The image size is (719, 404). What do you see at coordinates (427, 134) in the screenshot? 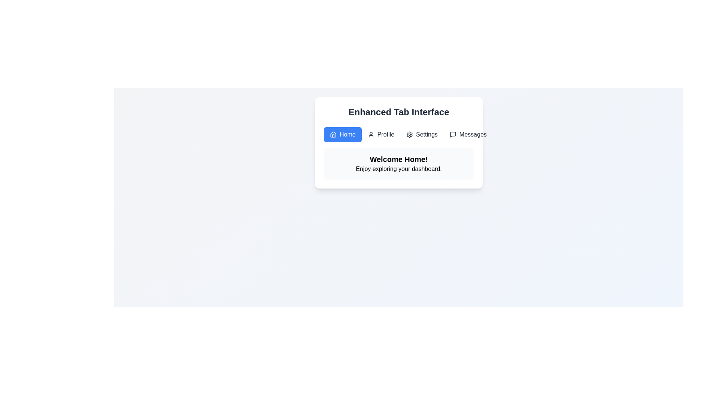
I see `the 'Settings' tab in the upper central section of the card` at bounding box center [427, 134].